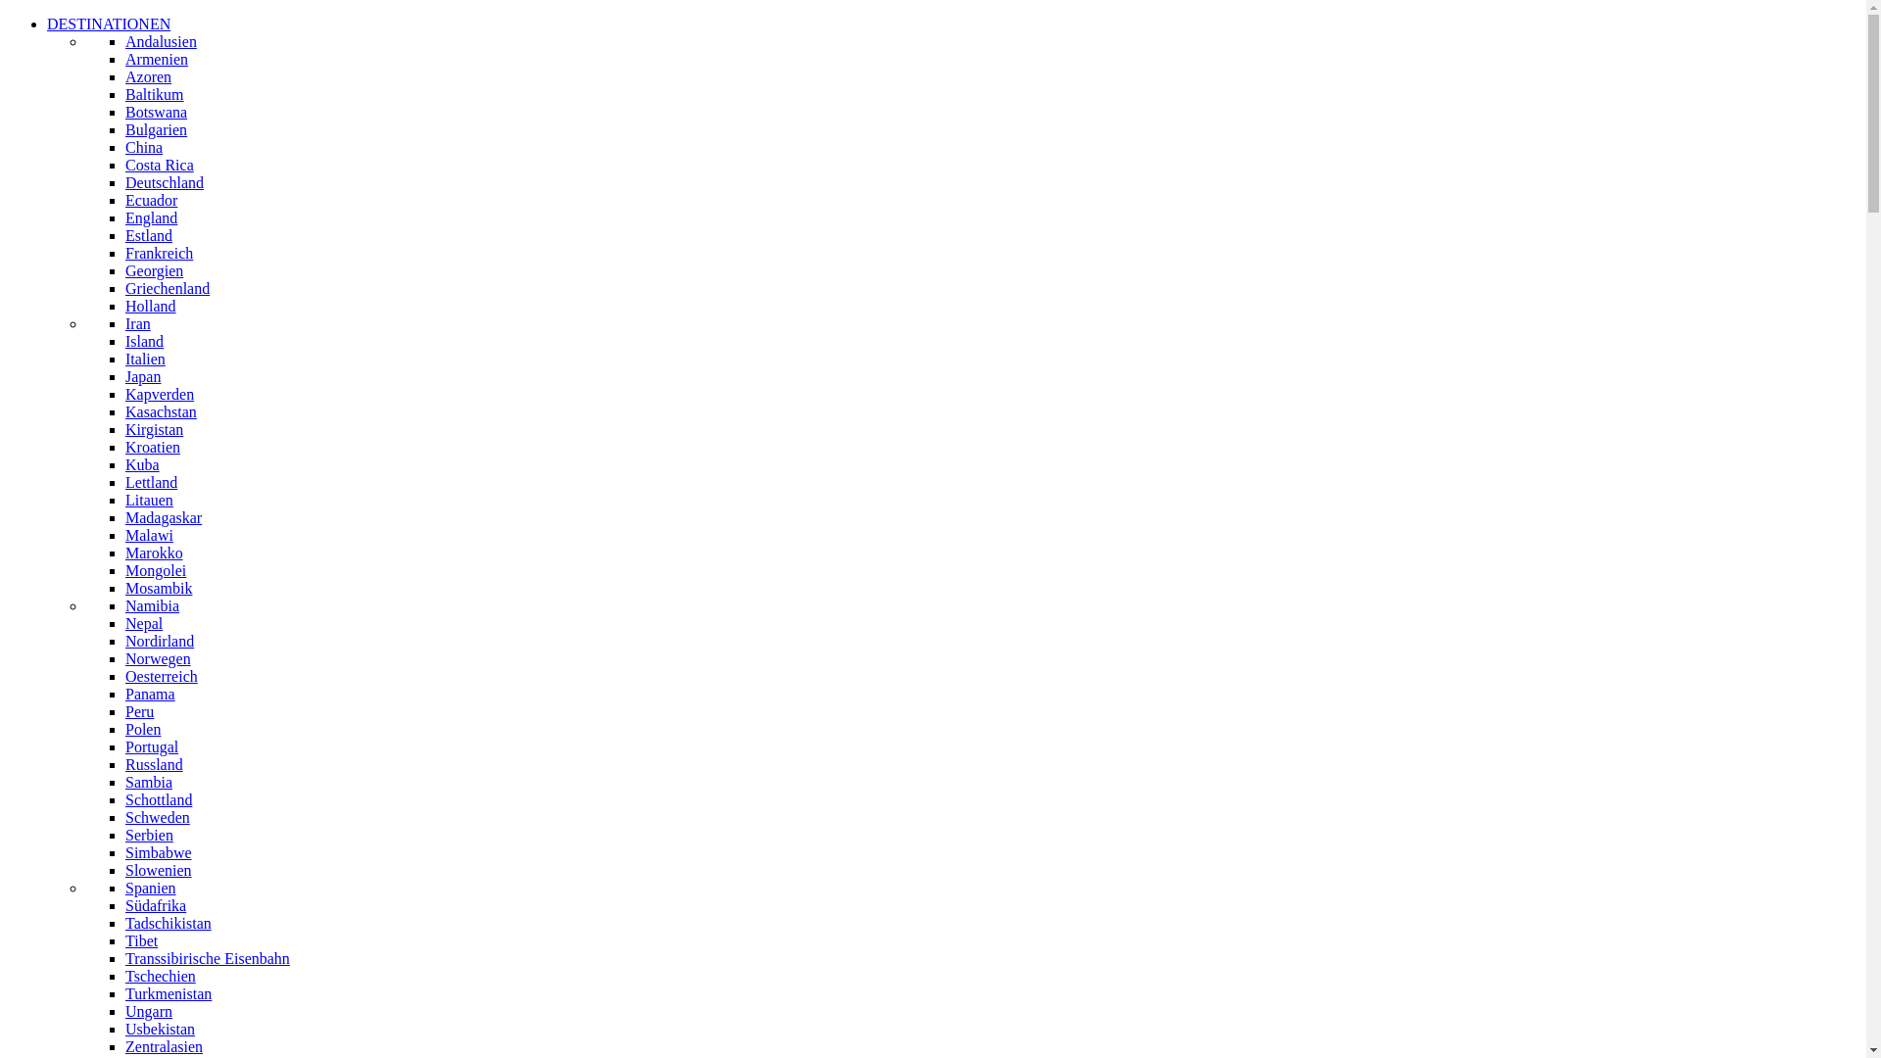  Describe the element at coordinates (124, 252) in the screenshot. I see `'Frankreich'` at that location.